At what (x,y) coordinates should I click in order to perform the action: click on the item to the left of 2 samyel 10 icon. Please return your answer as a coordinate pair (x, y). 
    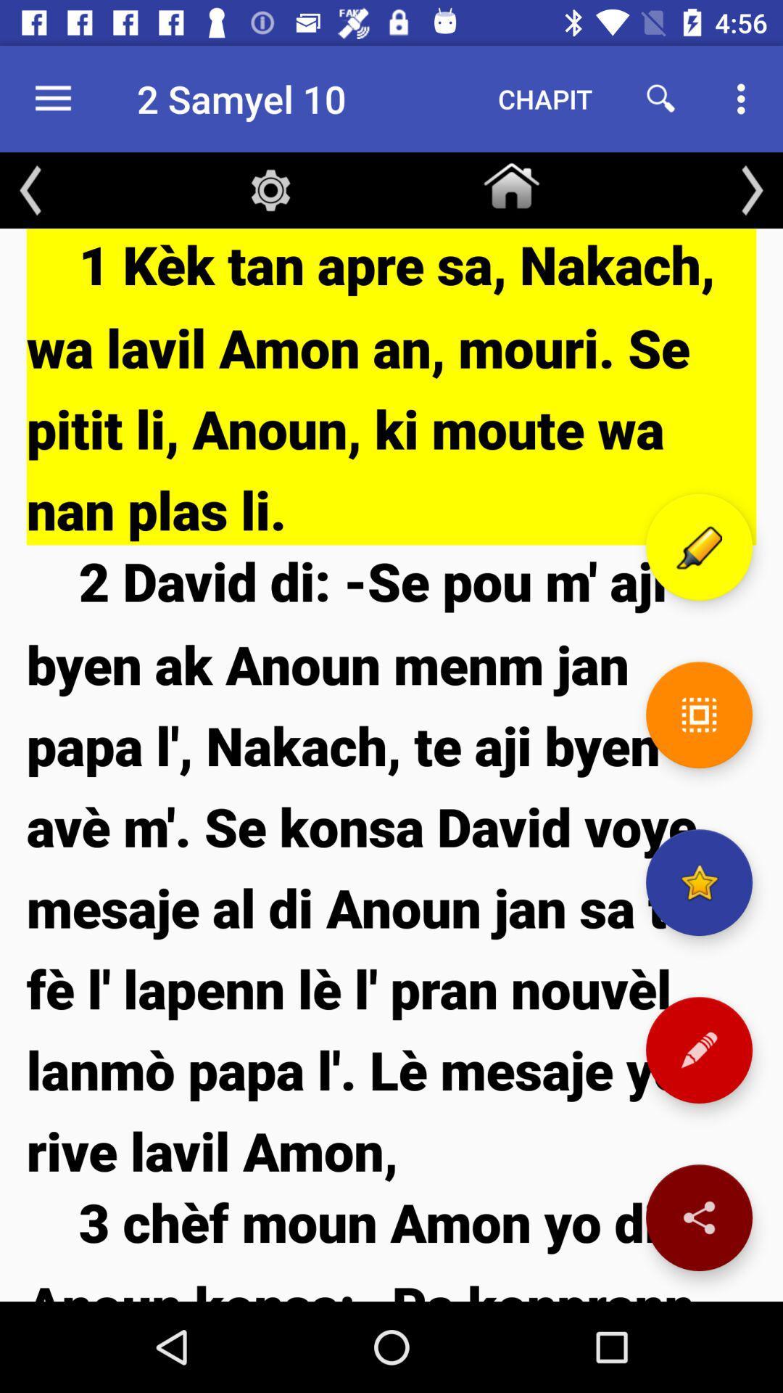
    Looking at the image, I should click on (52, 98).